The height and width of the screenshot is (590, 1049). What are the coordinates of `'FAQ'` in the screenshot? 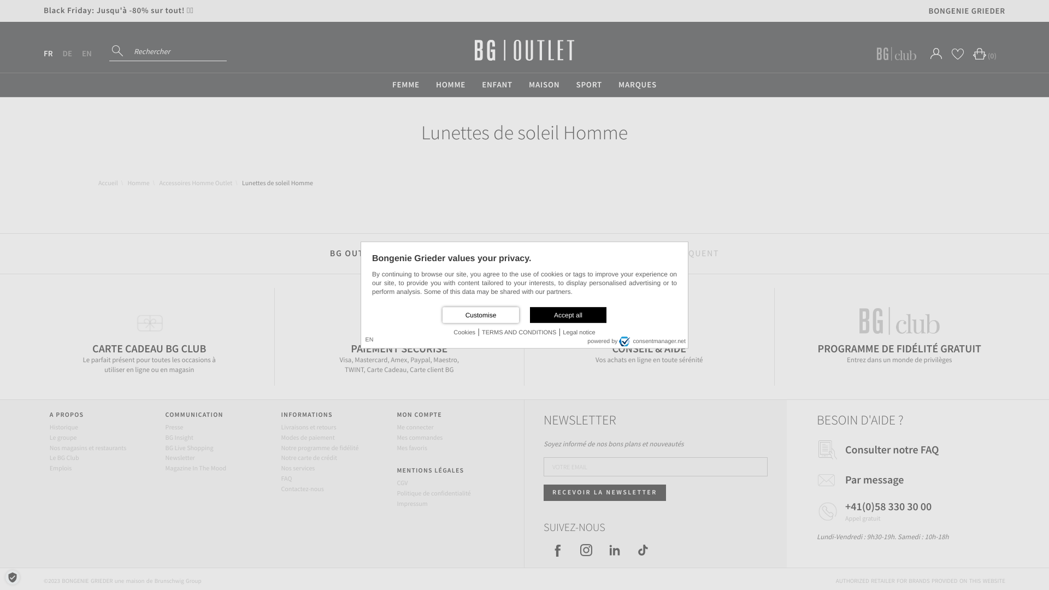 It's located at (286, 478).